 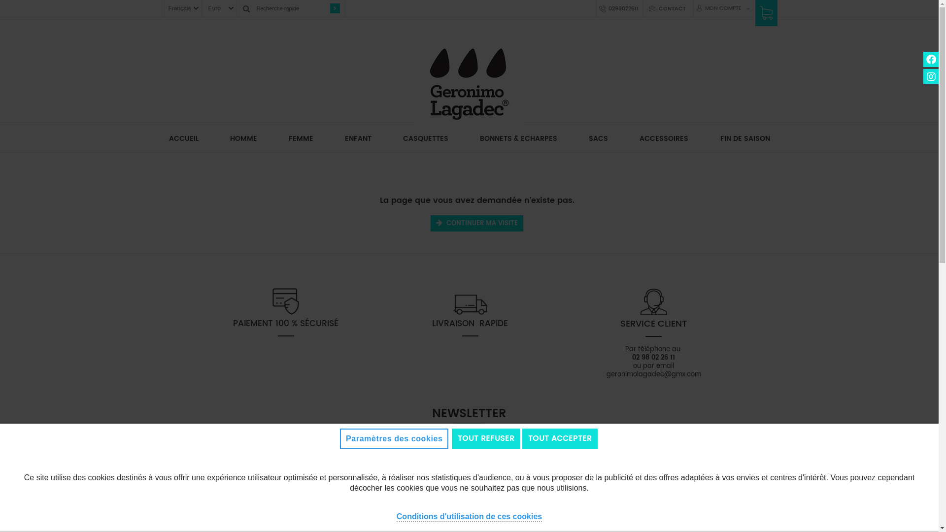 I want to click on 'SACS', so click(x=598, y=138).